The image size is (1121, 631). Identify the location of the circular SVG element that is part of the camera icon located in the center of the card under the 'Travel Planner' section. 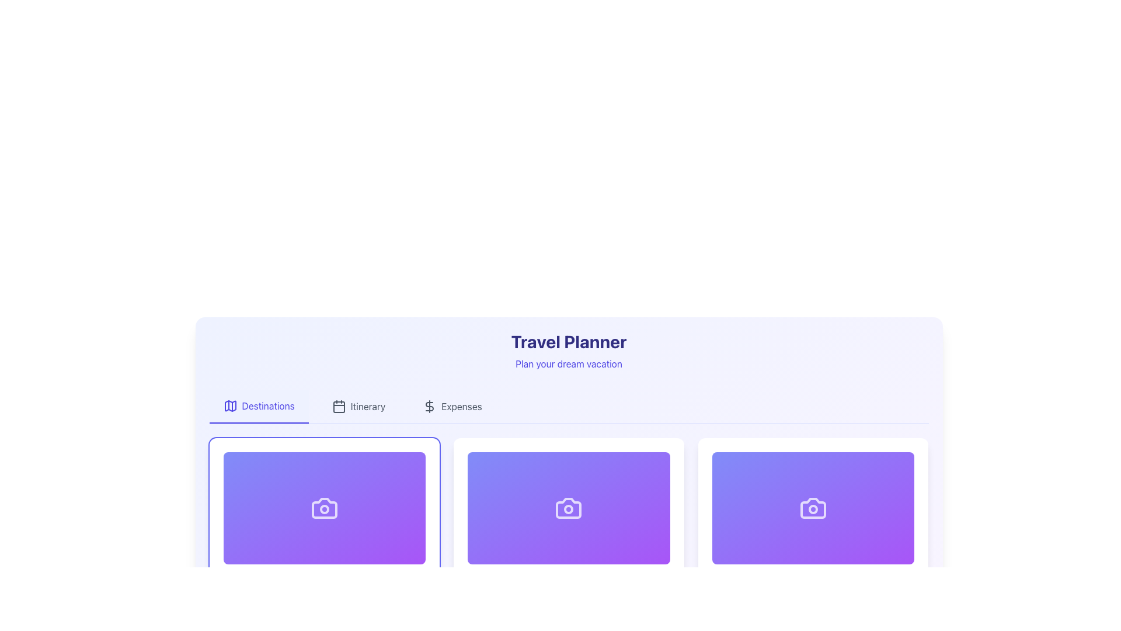
(569, 508).